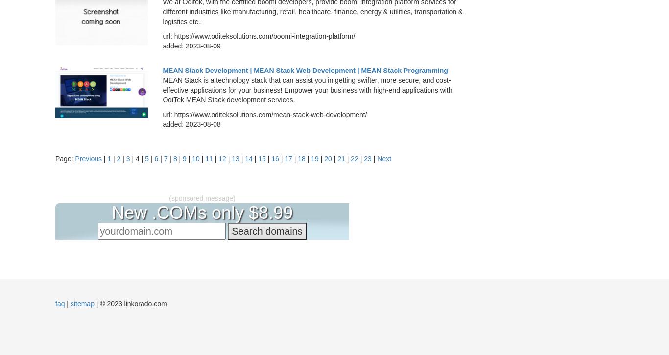  What do you see at coordinates (305, 70) in the screenshot?
I see `'MEAN Stack Development | MEAN Stack Web Development | MEAN Stack Programming'` at bounding box center [305, 70].